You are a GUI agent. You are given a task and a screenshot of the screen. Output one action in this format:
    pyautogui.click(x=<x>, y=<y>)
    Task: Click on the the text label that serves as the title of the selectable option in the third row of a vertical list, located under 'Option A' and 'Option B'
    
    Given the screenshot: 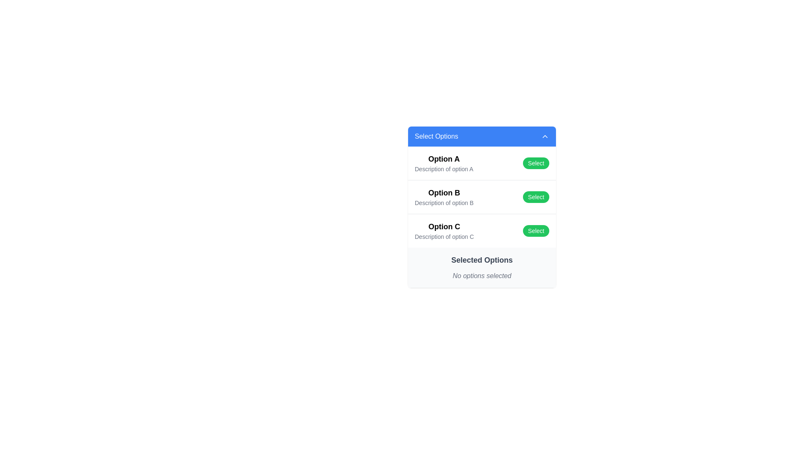 What is the action you would take?
    pyautogui.click(x=444, y=227)
    